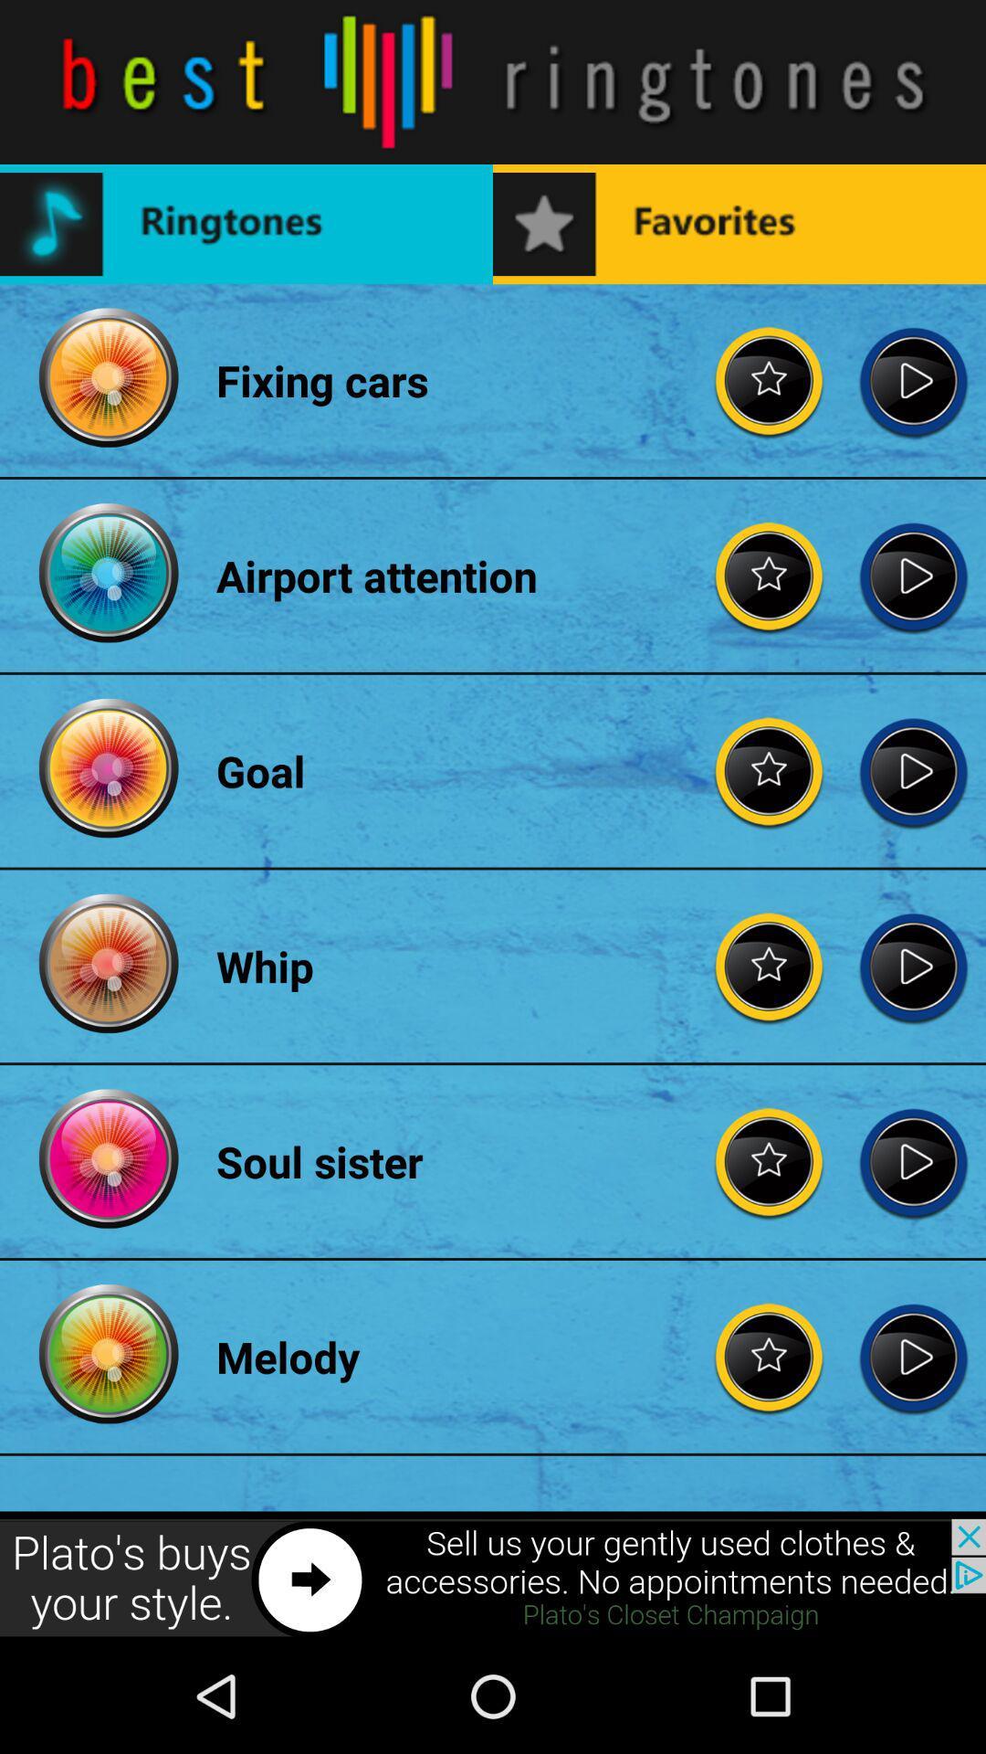  I want to click on for rating, so click(770, 965).